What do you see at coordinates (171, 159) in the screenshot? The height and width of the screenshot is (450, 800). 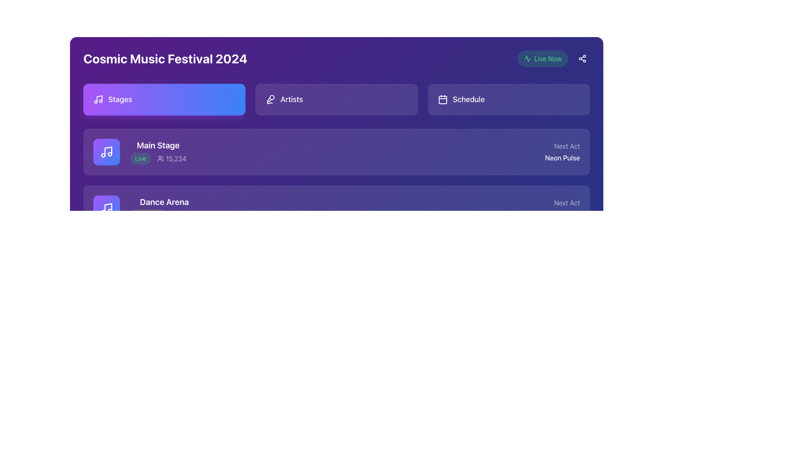 I see `the small text label displaying the number '15,234' in white, which is located in the 'Main Stage' section, to the right of the green 'Live' badge` at bounding box center [171, 159].